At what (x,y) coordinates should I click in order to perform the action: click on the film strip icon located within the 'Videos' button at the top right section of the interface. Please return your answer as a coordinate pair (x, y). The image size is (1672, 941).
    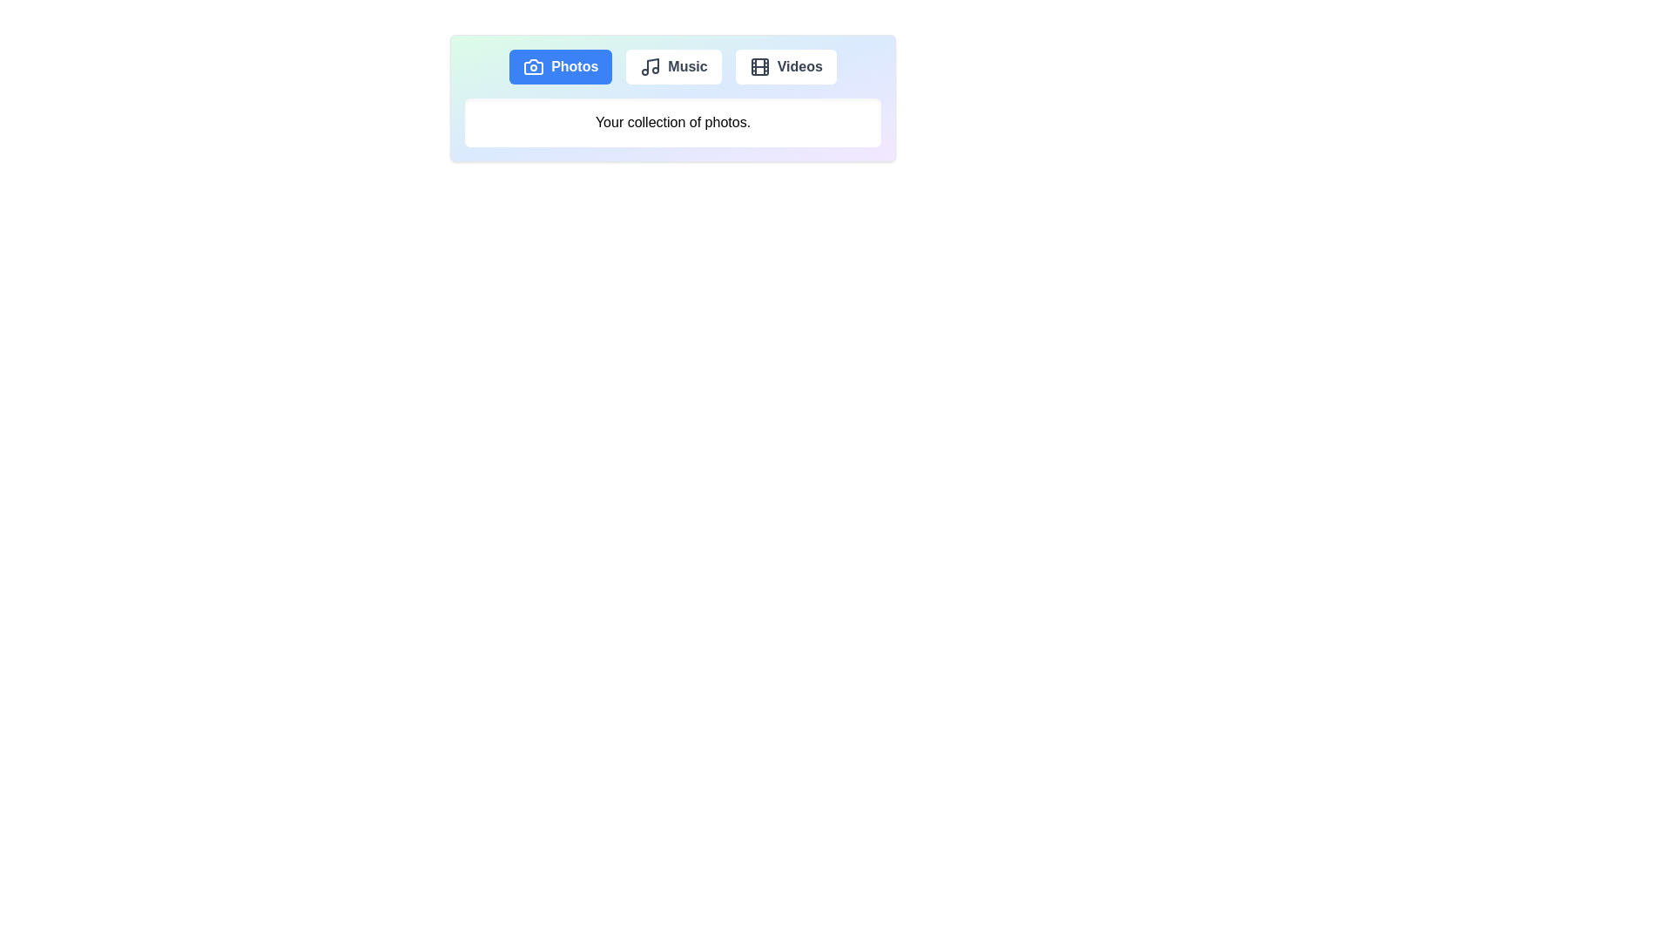
    Looking at the image, I should click on (759, 66).